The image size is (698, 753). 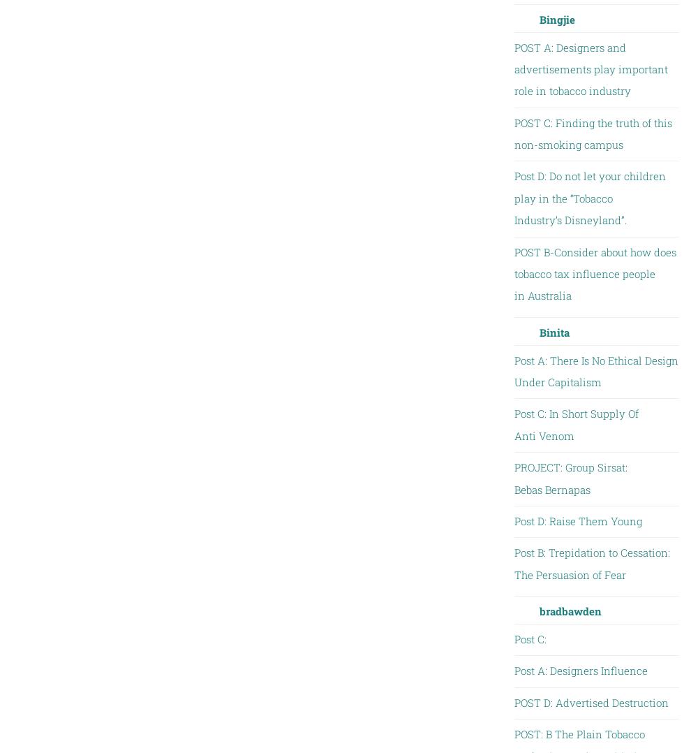 I want to click on 'Bingjie', so click(x=539, y=17).